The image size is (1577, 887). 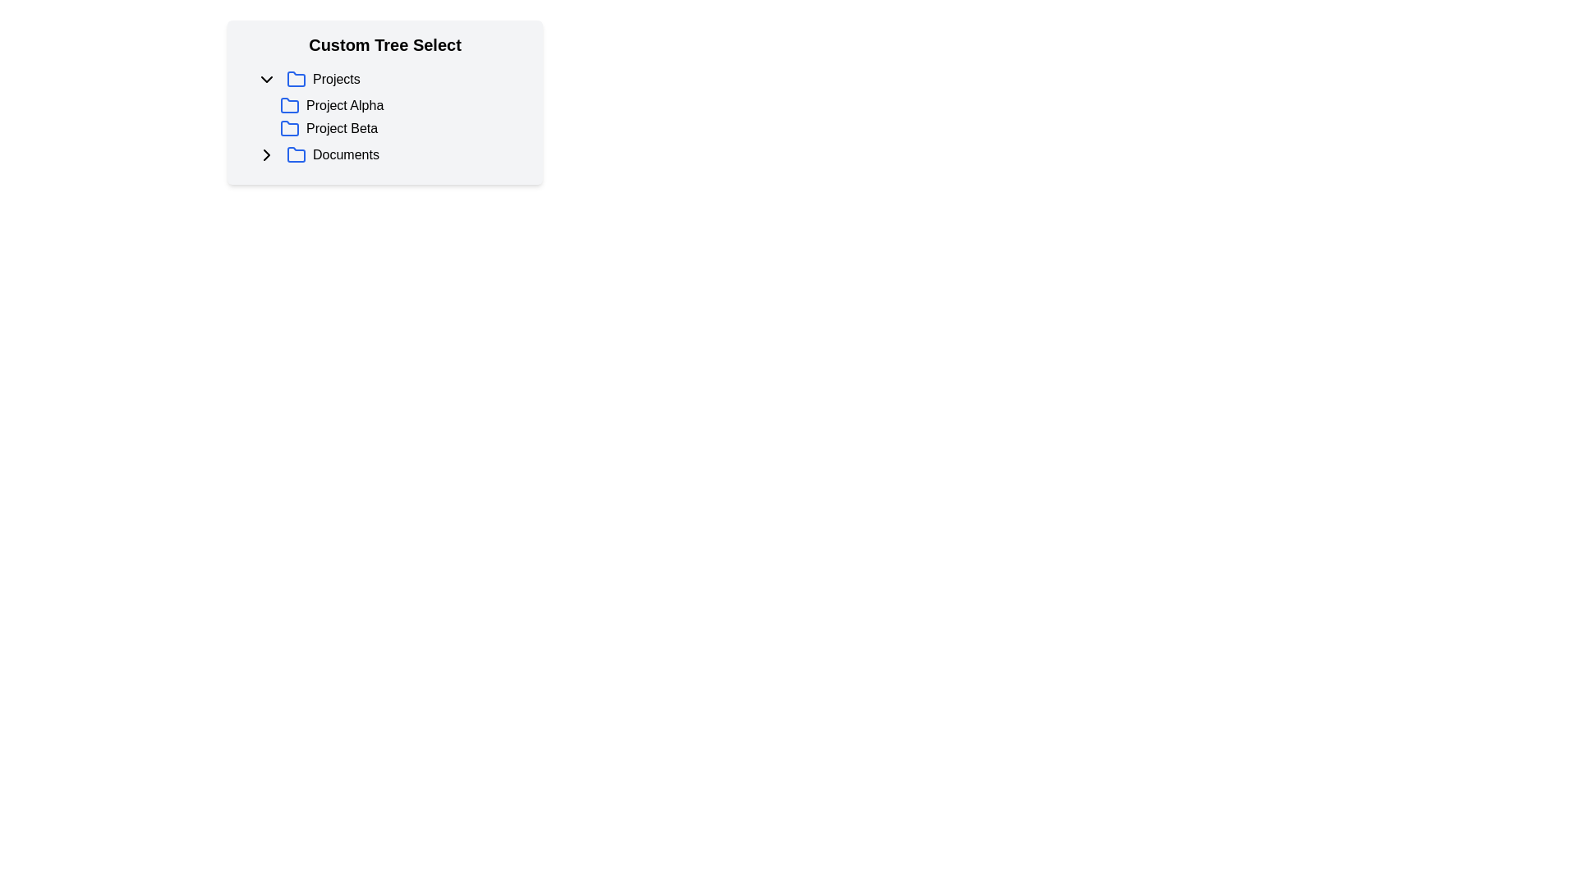 What do you see at coordinates (290, 105) in the screenshot?
I see `the blue folder icon with rounded corners and an open-top design` at bounding box center [290, 105].